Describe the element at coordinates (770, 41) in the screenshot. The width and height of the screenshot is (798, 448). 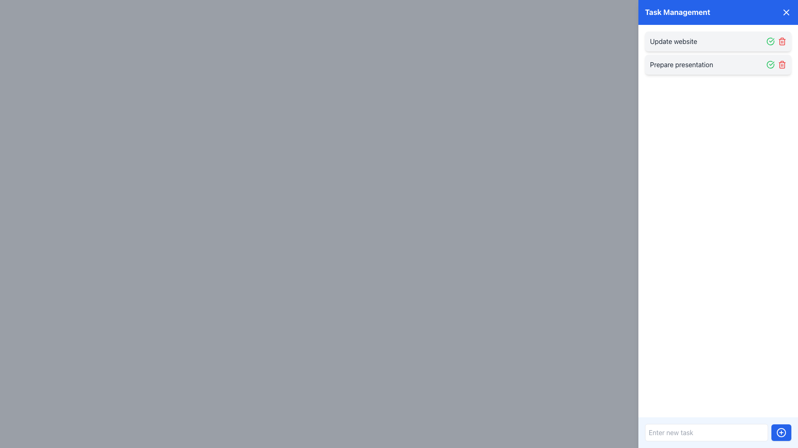
I see `the leftmost icon in the row for the 'Prepare presentation' task in the 'Task Management' panel` at that location.